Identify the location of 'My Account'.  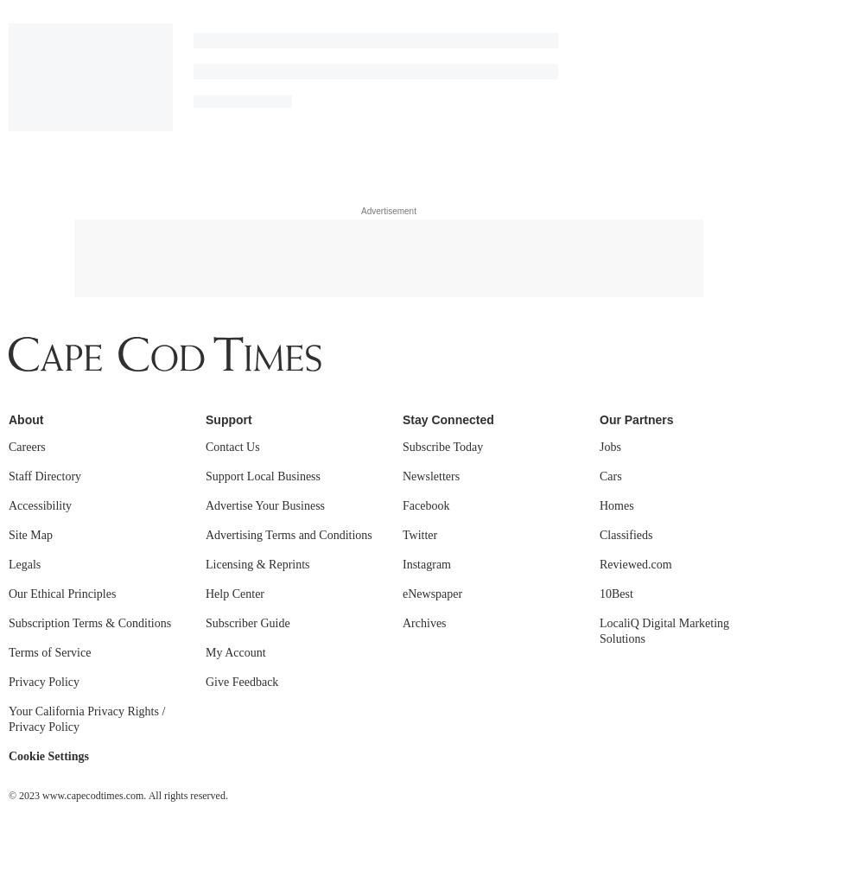
(235, 169).